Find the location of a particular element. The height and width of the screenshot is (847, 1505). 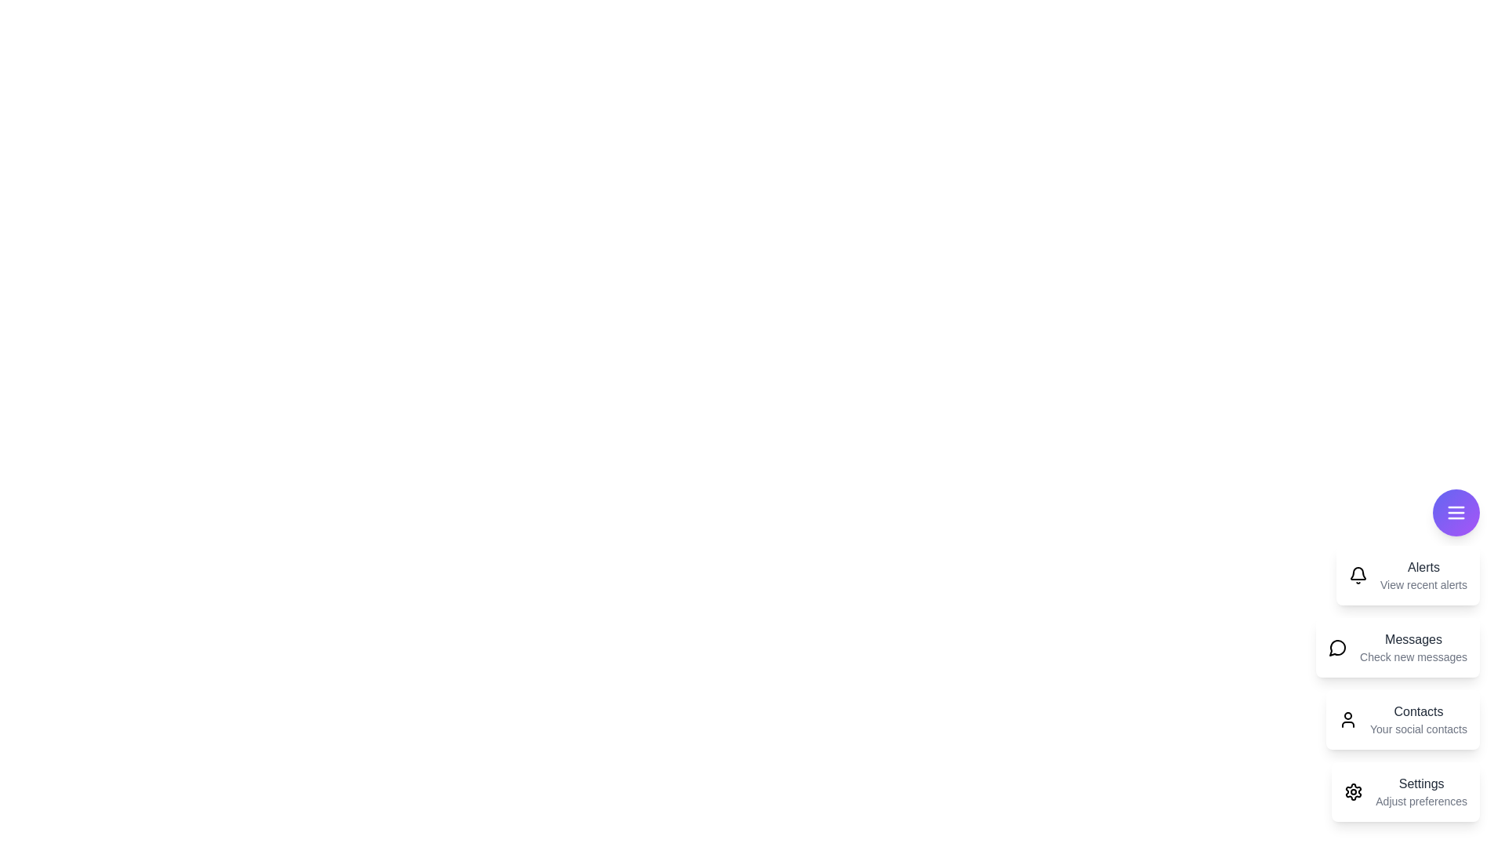

the 'Settings' card to interact with it is located at coordinates (1421, 792).